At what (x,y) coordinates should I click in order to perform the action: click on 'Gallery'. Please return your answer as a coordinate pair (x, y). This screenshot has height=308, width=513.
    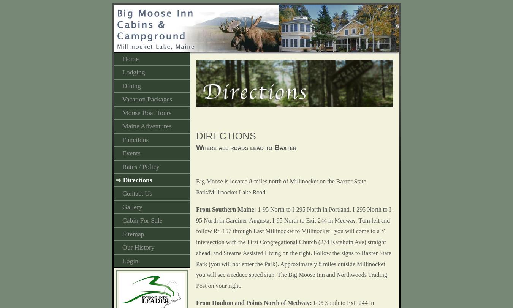
    Looking at the image, I should click on (132, 206).